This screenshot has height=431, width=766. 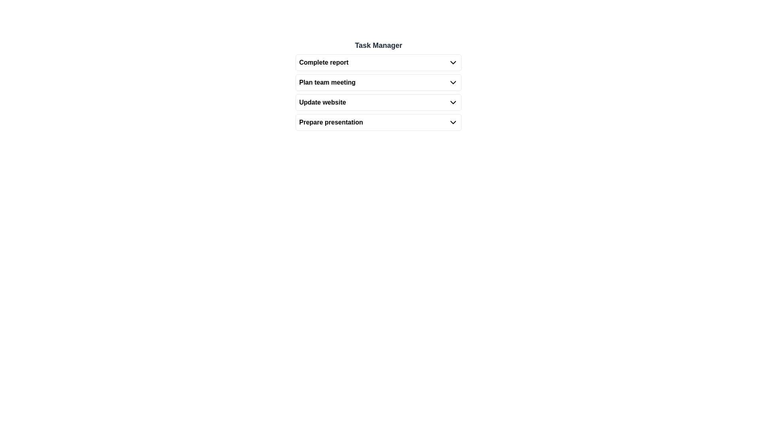 I want to click on the 'Complete report' dropdown menu, so click(x=378, y=62).